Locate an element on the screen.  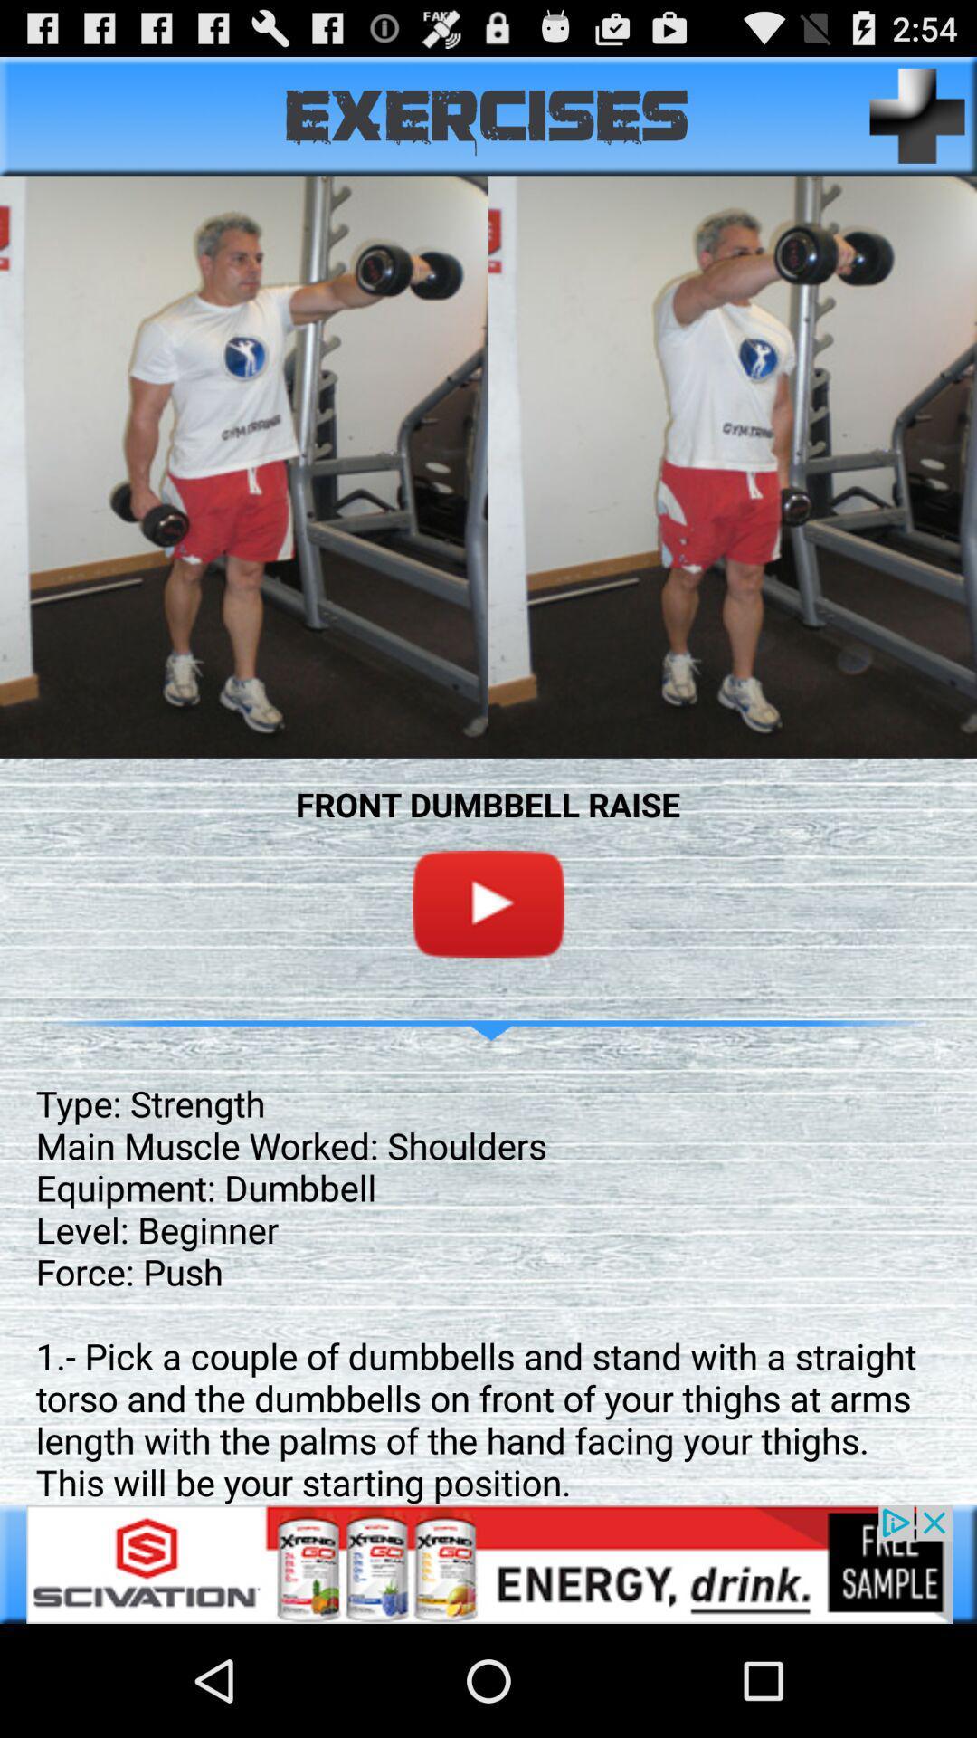
advertisement for scivation is located at coordinates (488, 1563).